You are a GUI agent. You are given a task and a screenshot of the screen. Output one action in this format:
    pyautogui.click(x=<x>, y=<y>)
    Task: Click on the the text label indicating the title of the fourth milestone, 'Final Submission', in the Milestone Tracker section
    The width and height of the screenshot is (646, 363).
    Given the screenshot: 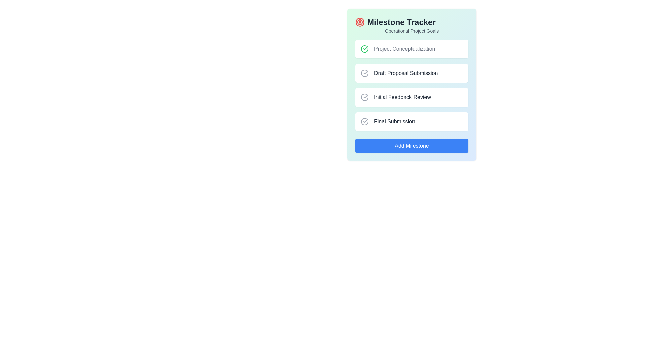 What is the action you would take?
    pyautogui.click(x=394, y=122)
    